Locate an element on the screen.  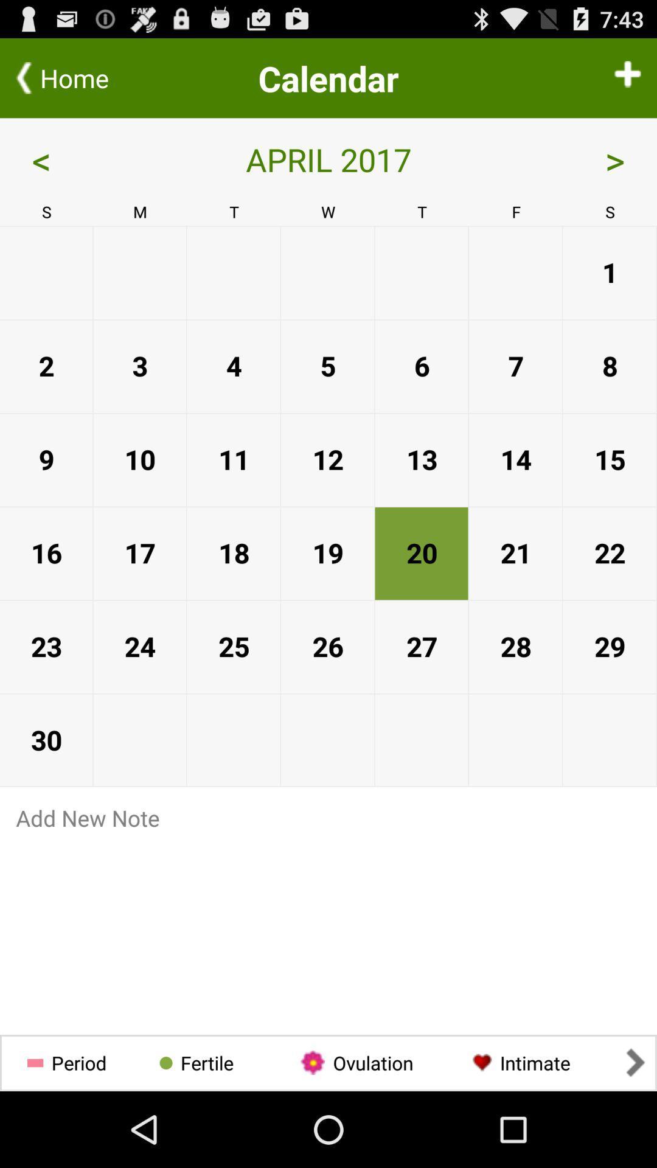
an event is located at coordinates (628, 77).